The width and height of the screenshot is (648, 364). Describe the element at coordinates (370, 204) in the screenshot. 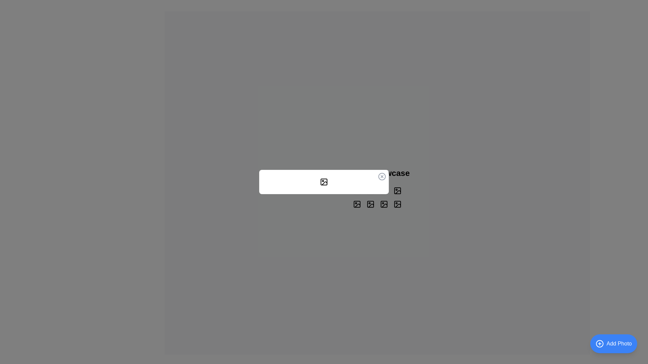

I see `the circular portion of the magnifying glass icon, which is visually identifiable by its border and shape` at that location.